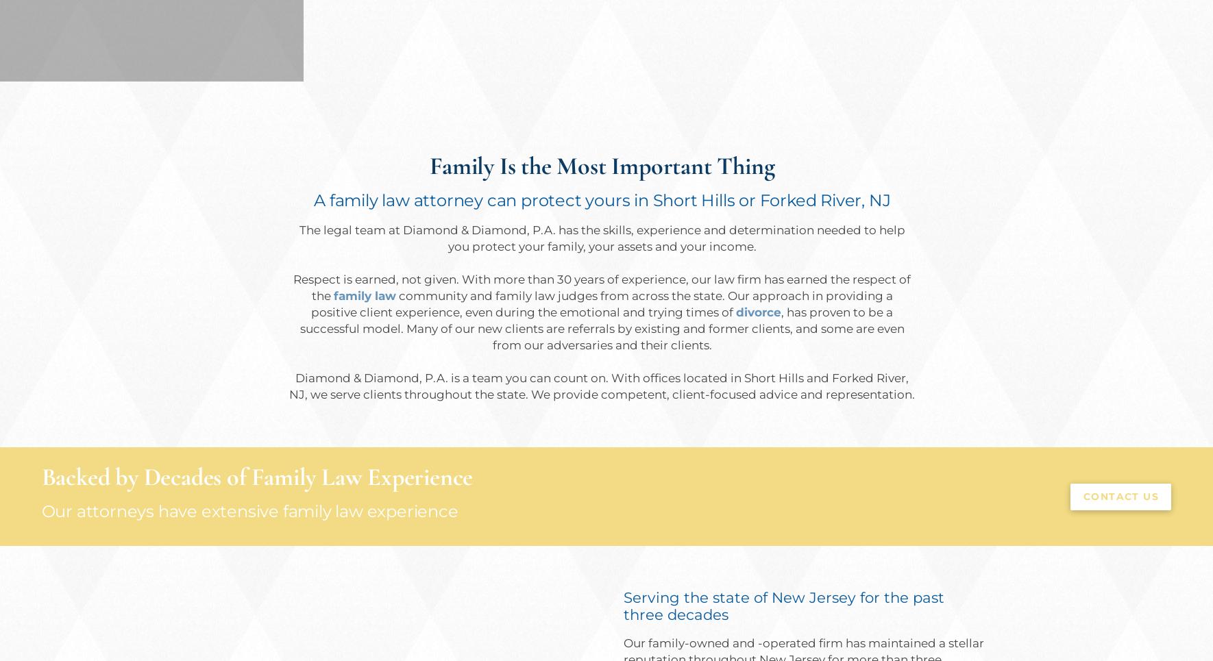 Image resolution: width=1213 pixels, height=661 pixels. I want to click on 'Diamond & Diamond, P.A. is a team you can count on. With offices located in Short Hills and Forked River, NJ, we serve clients throughout the state. We provide competent, client-focused advice and representation.', so click(602, 386).